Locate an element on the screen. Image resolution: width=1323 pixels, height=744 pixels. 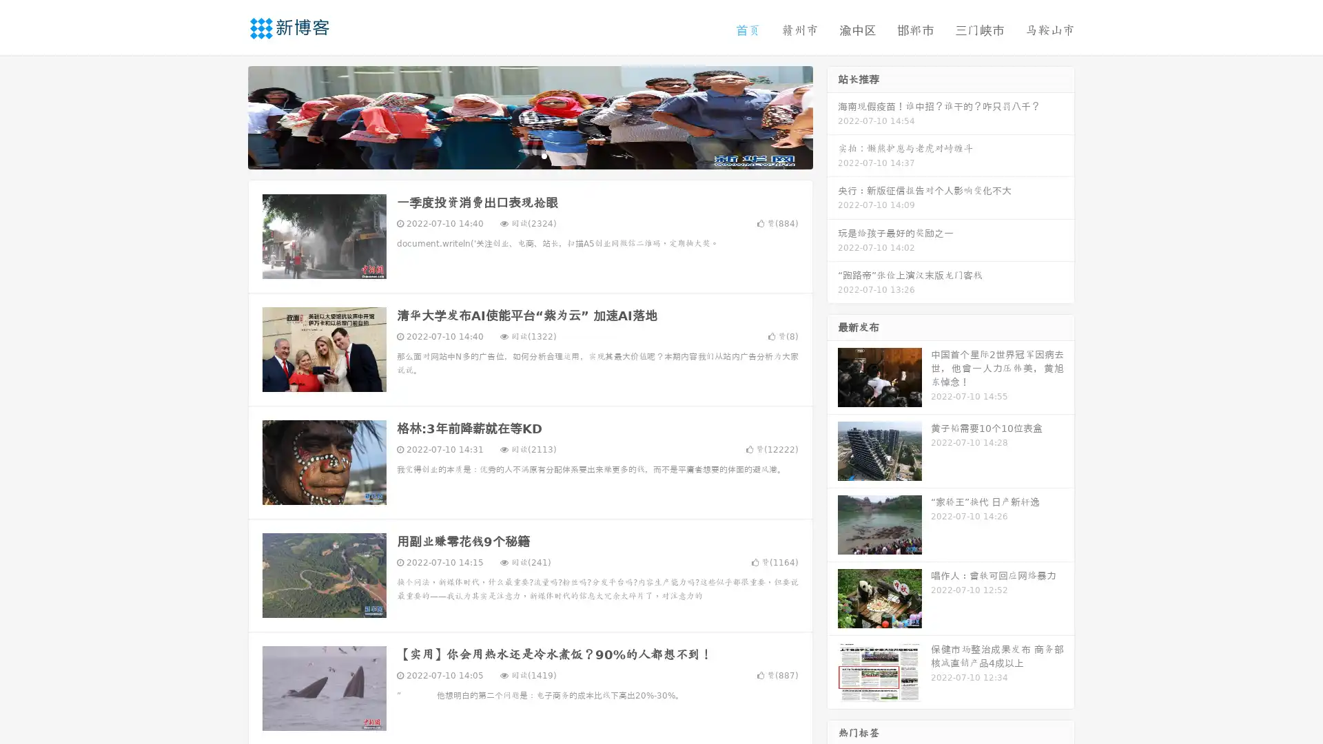
Next slide is located at coordinates (832, 116).